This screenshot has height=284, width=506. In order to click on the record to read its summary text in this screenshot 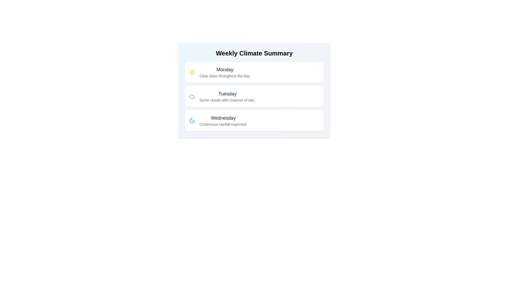, I will do `click(254, 72)`.